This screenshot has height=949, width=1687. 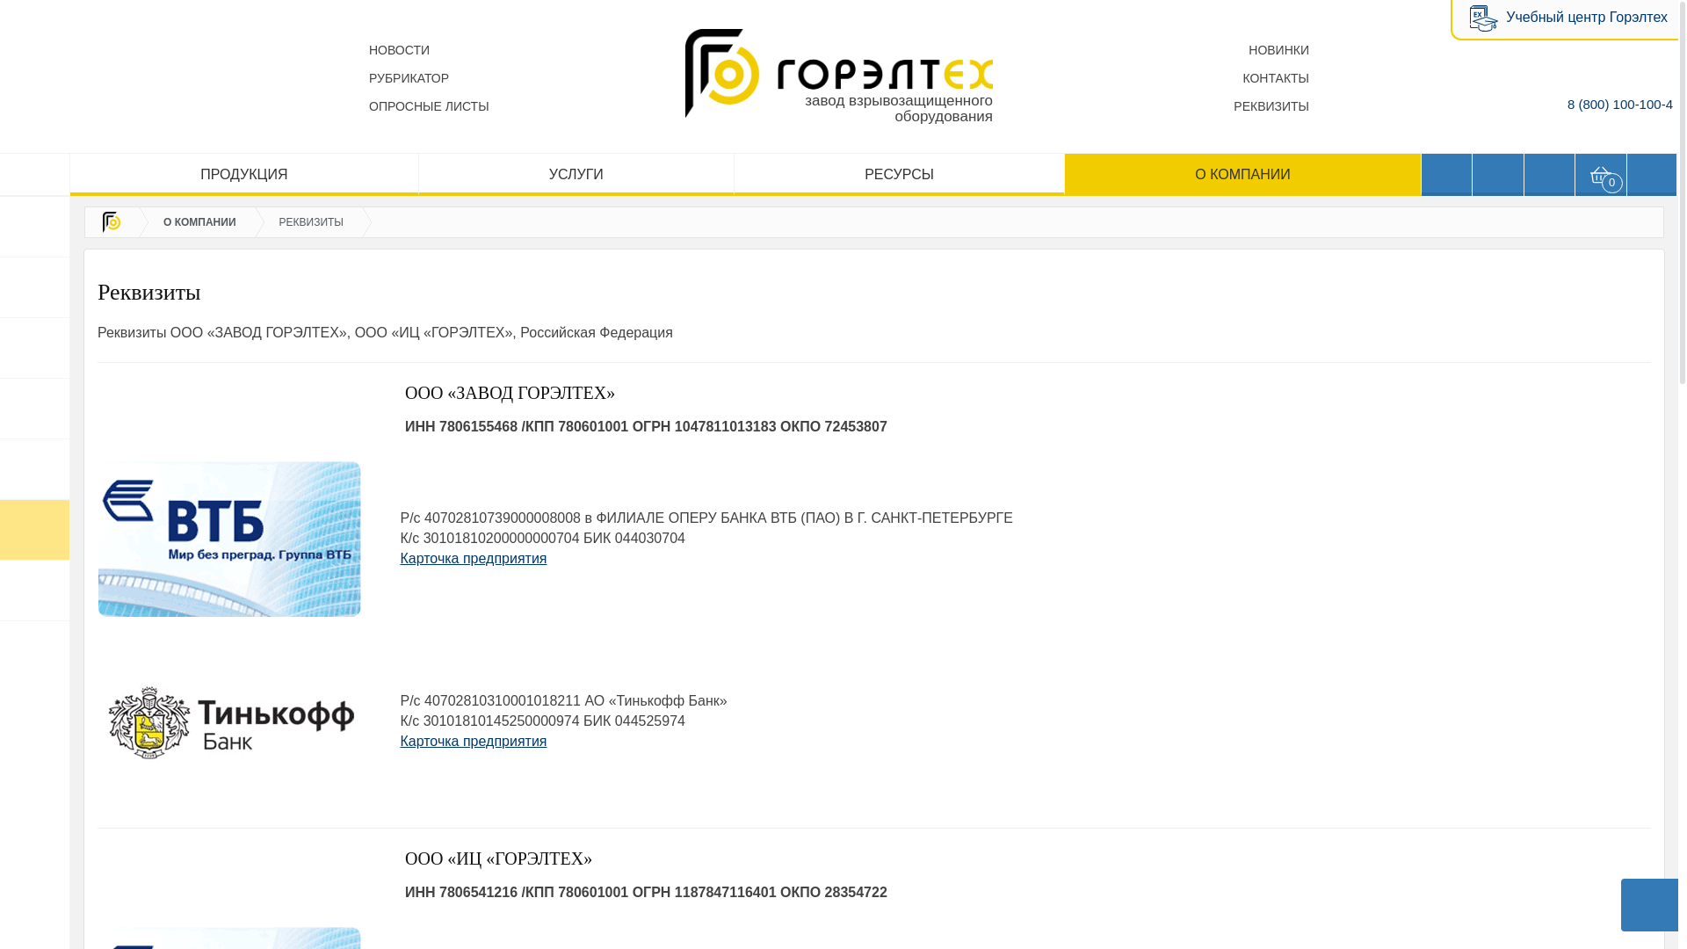 I want to click on '8 (800) 100-100-4', so click(x=1618, y=104).